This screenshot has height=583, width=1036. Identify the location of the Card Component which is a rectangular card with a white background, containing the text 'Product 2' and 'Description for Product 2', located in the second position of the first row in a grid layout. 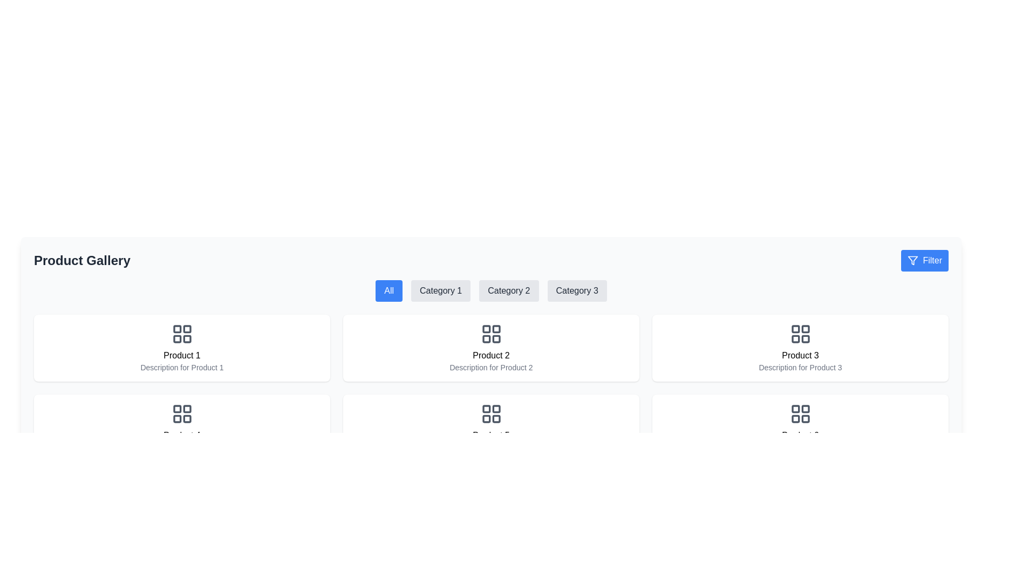
(490, 348).